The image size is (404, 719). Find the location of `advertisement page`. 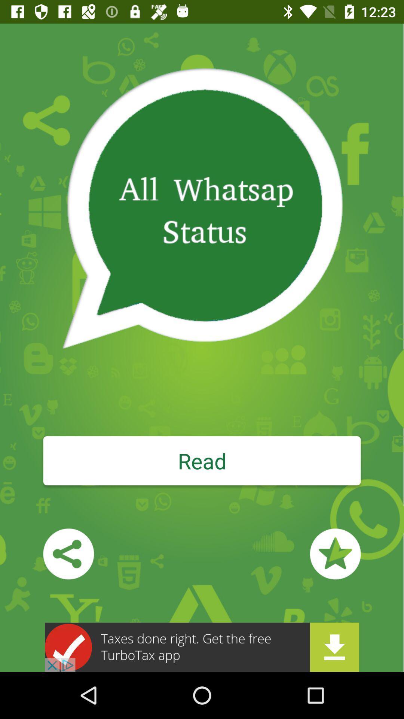

advertisement page is located at coordinates (202, 647).